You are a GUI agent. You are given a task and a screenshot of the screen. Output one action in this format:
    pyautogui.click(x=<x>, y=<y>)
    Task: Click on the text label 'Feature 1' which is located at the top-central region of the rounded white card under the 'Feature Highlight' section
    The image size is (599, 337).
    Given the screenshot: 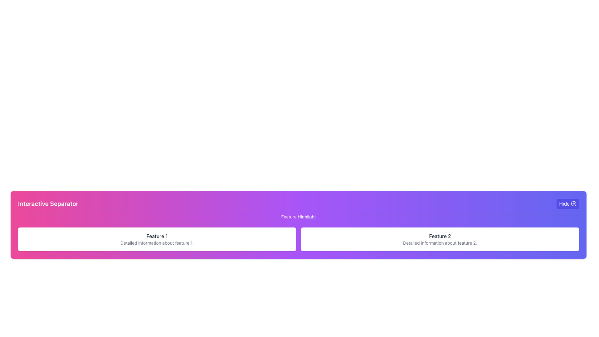 What is the action you would take?
    pyautogui.click(x=157, y=236)
    